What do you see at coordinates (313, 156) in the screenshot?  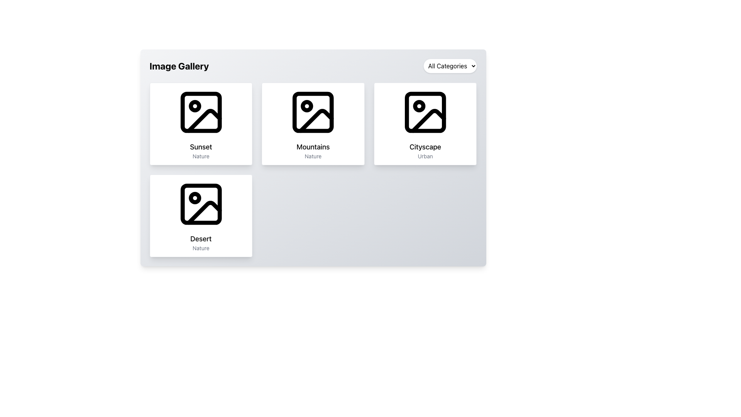 I see `text label displaying the word 'Nature' located below the title 'Mountains' in the second column of the first row of a grid layout` at bounding box center [313, 156].